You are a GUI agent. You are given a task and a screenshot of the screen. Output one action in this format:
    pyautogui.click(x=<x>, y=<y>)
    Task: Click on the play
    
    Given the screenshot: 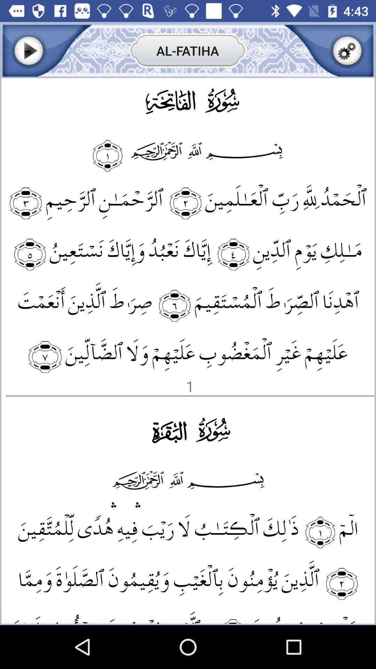 What is the action you would take?
    pyautogui.click(x=28, y=50)
    